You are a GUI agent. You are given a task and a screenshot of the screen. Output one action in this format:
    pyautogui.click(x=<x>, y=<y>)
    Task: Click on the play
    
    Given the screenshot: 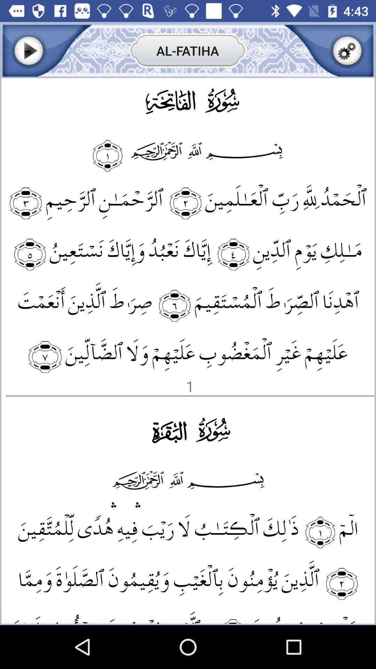 What is the action you would take?
    pyautogui.click(x=28, y=50)
    